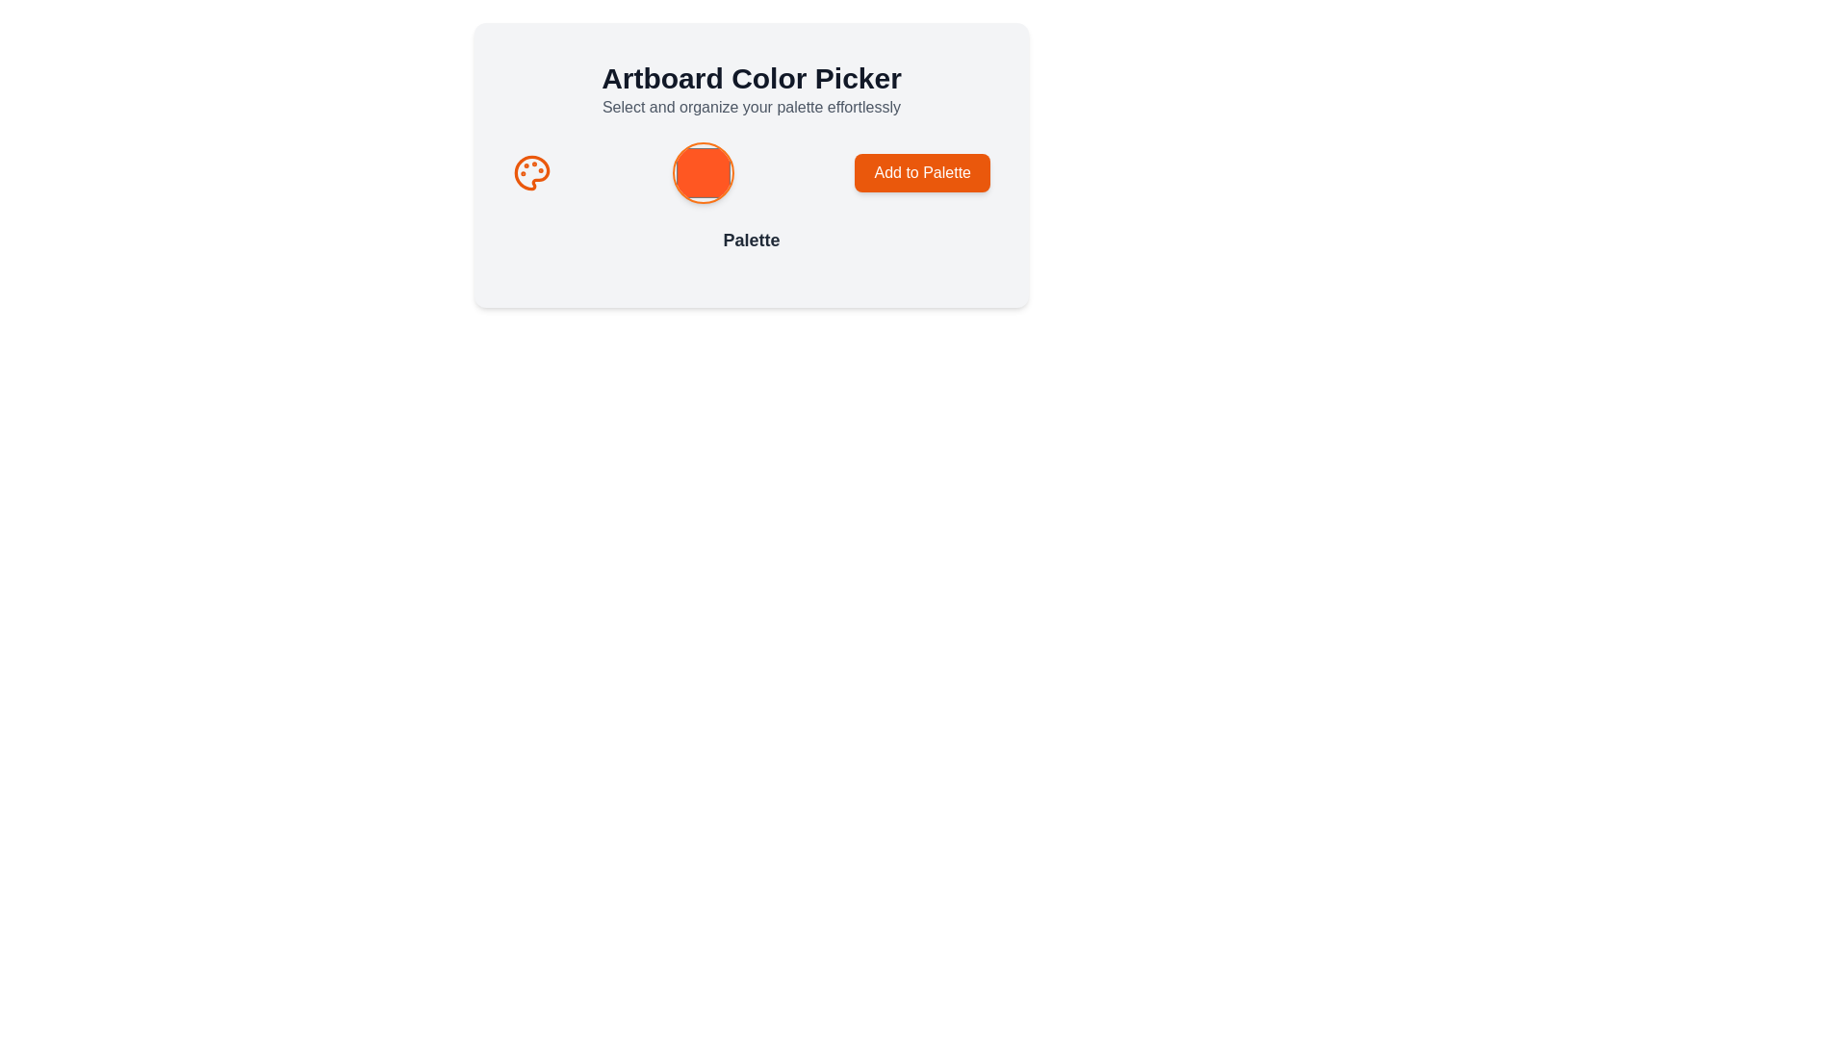 This screenshot has width=1848, height=1039. Describe the element at coordinates (921, 173) in the screenshot. I see `the 'Add to Palette' button with a vibrant orange background and white text` at that location.